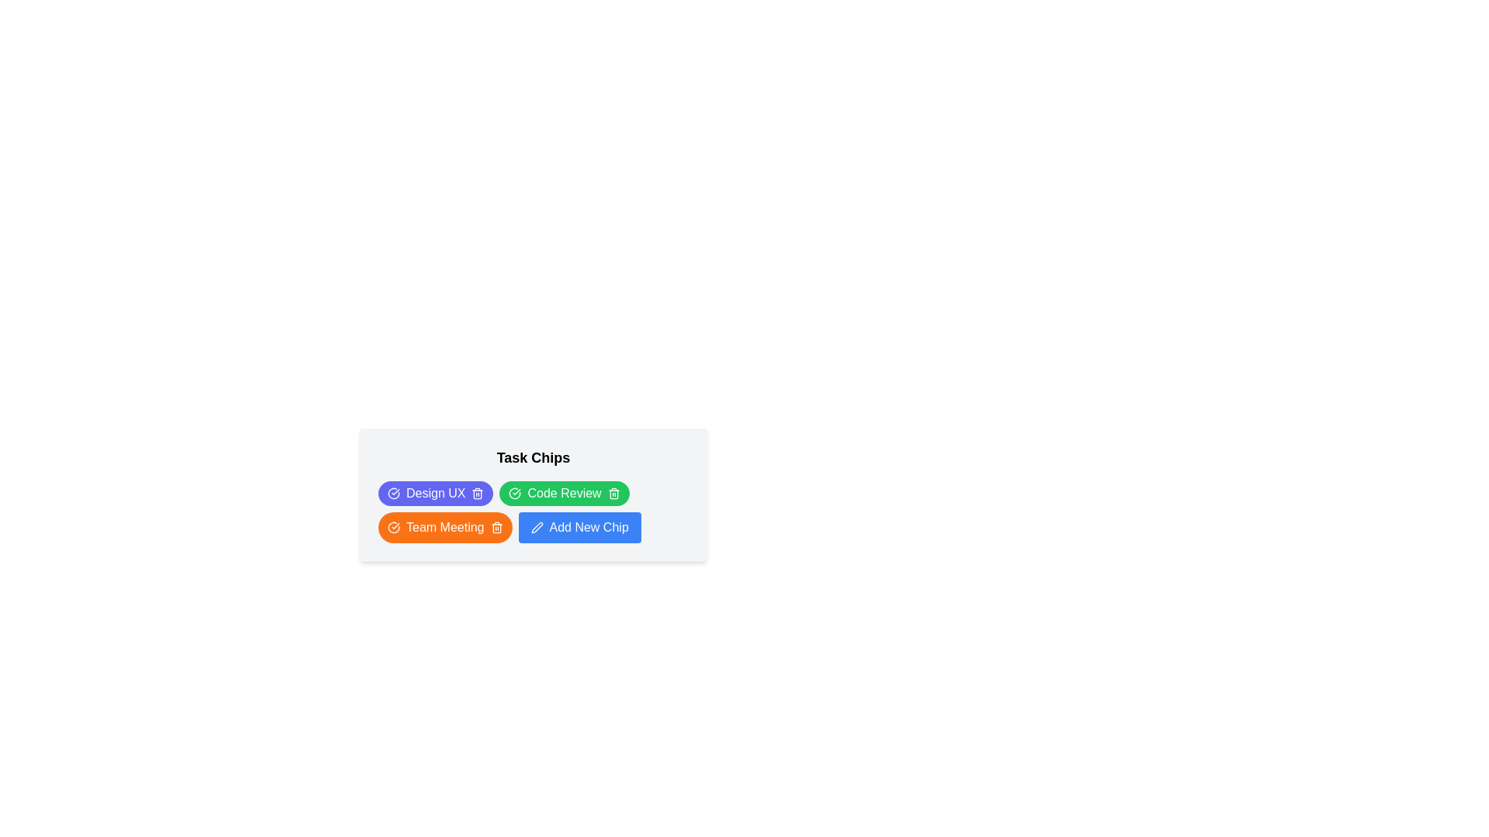 This screenshot has height=837, width=1489. I want to click on the completed status icon for the 'Team Meeting' chip, which is located at the beginning of the third chip in the second row, so click(394, 527).